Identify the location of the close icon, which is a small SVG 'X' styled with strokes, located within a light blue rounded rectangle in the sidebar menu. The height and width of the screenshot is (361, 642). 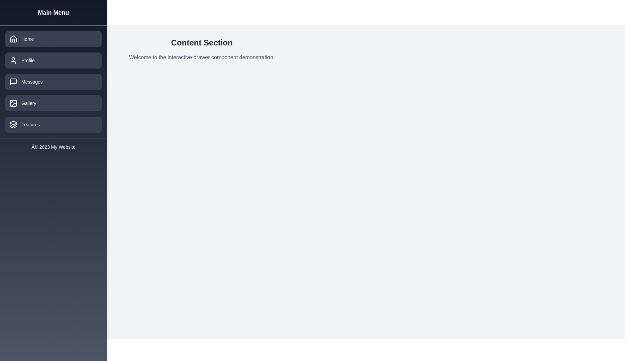
(21, 36).